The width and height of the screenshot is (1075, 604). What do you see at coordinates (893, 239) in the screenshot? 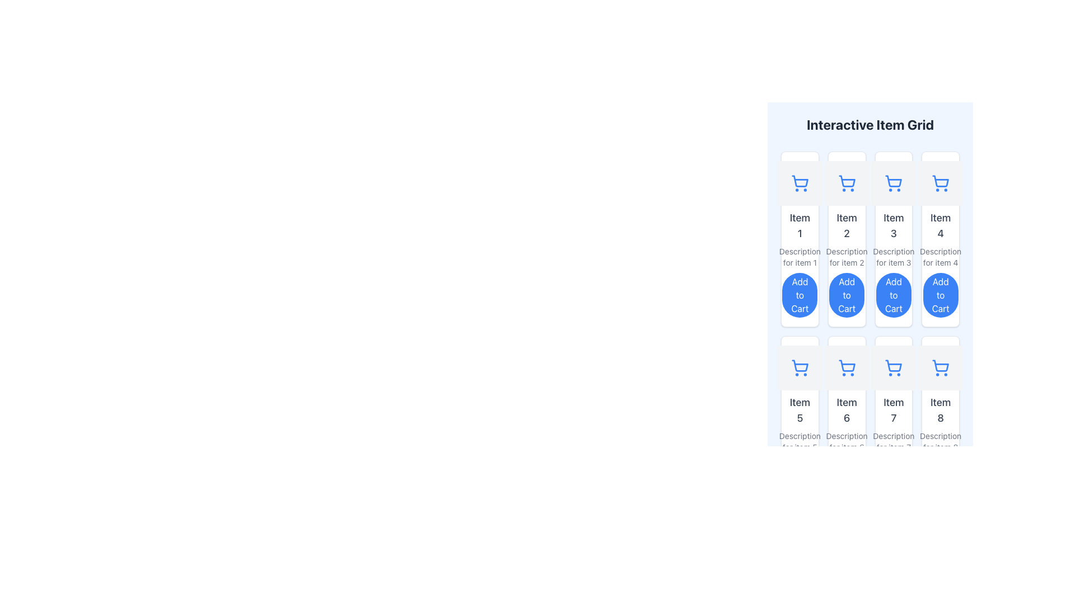
I see `the blue shopping cart icon at the top of the 'Item 3' interactive card` at bounding box center [893, 239].